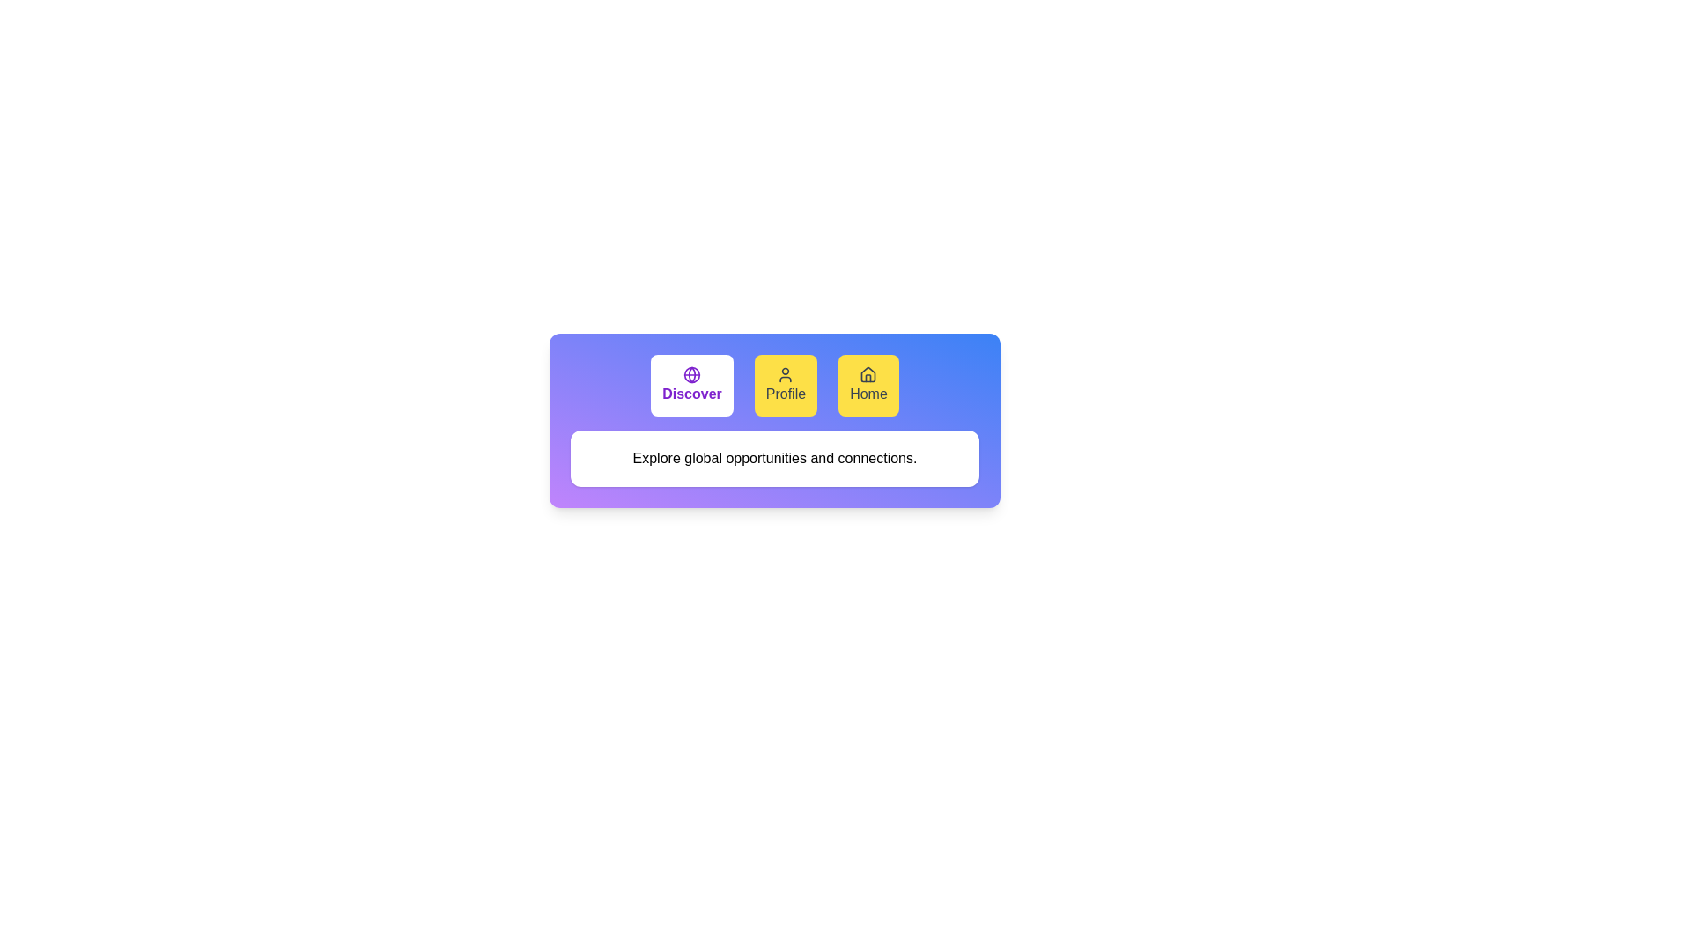 This screenshot has width=1691, height=951. I want to click on the 'Discover' icon, which is the first card in the horizontal stack of cards at the top left of the interface, indicating its functionality for exploring global content, so click(691, 373).